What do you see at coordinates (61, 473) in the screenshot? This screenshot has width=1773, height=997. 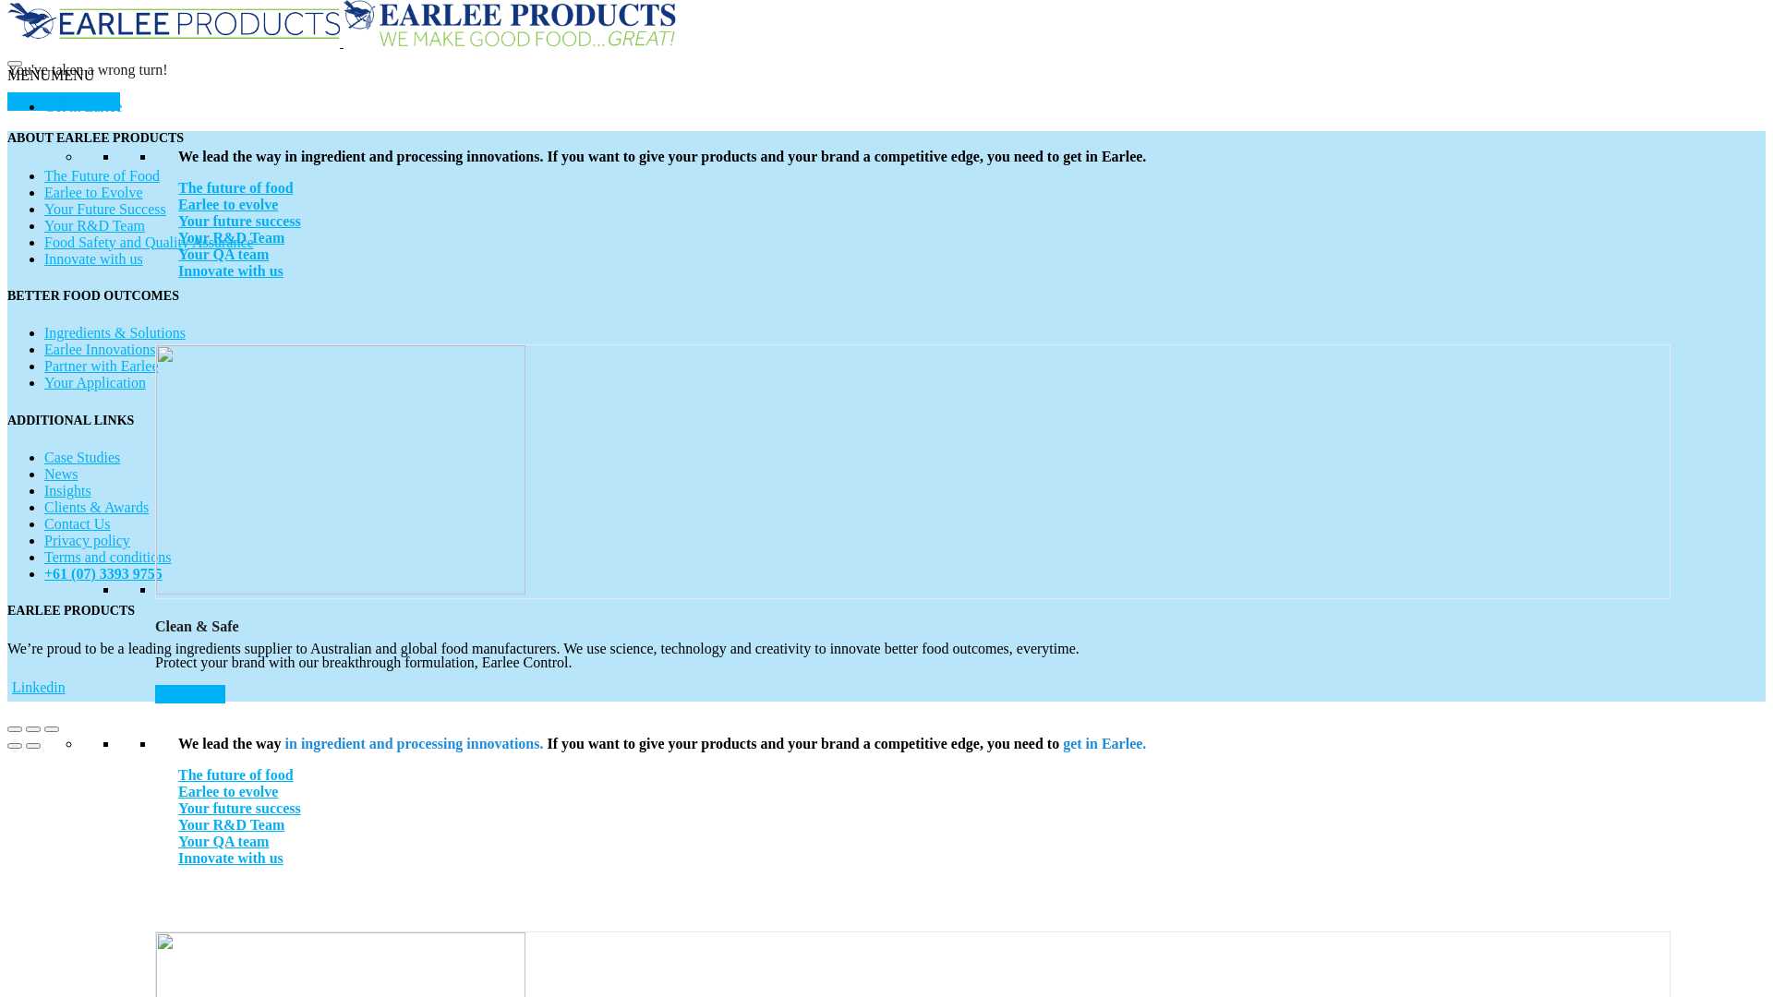 I see `'News'` at bounding box center [61, 473].